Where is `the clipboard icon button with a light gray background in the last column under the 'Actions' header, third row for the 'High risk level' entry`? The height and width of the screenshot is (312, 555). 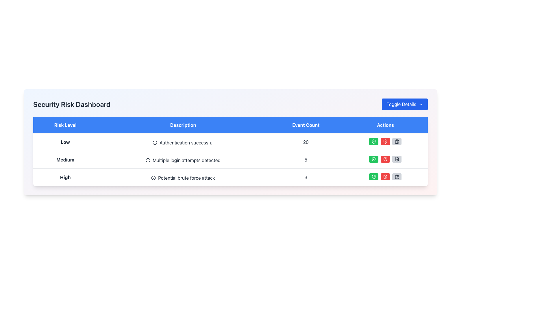 the clipboard icon button with a light gray background in the last column under the 'Actions' header, third row for the 'High risk level' entry is located at coordinates (397, 141).